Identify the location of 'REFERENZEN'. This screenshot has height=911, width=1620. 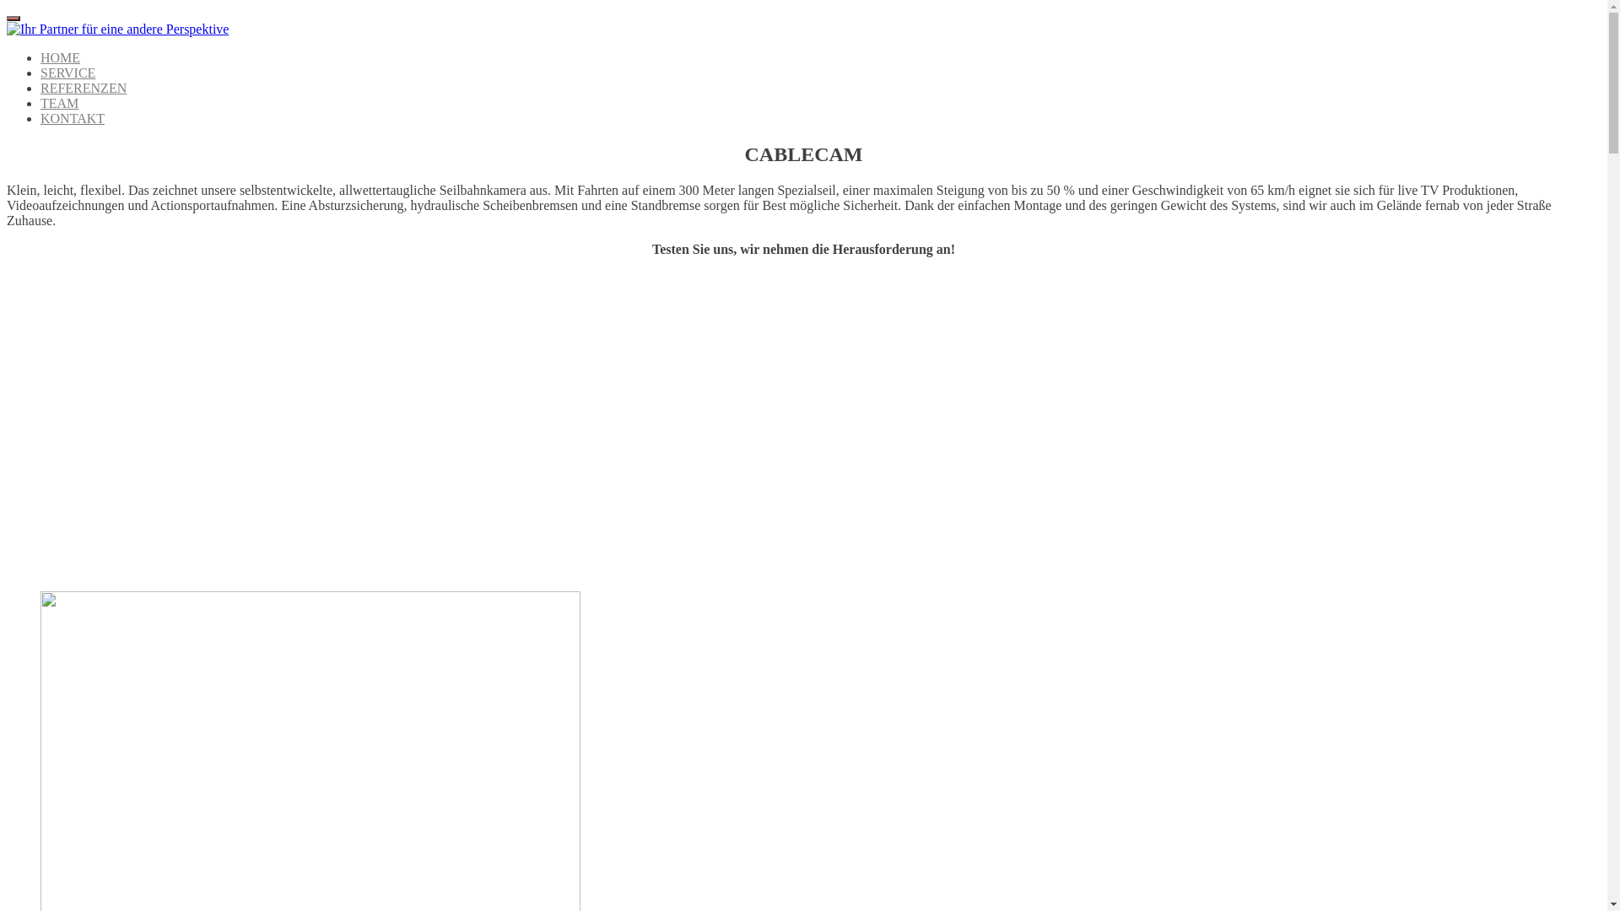
(83, 88).